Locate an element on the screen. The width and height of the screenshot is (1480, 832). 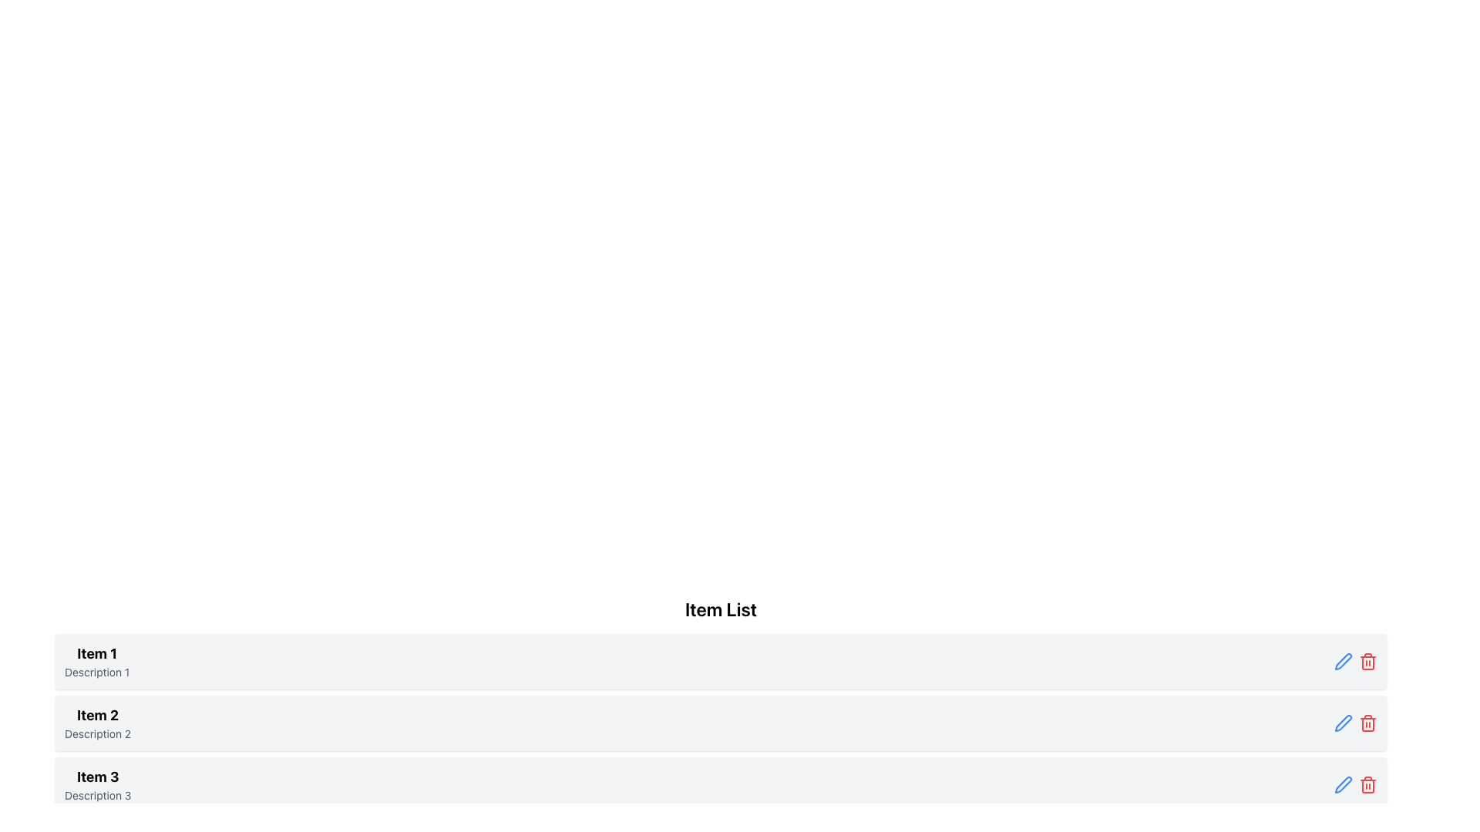
the edit action button represented by the pen icon in the row containing 'Item 3' and 'Description 3' to initiate an edit action for the associated list item is located at coordinates (1342, 784).